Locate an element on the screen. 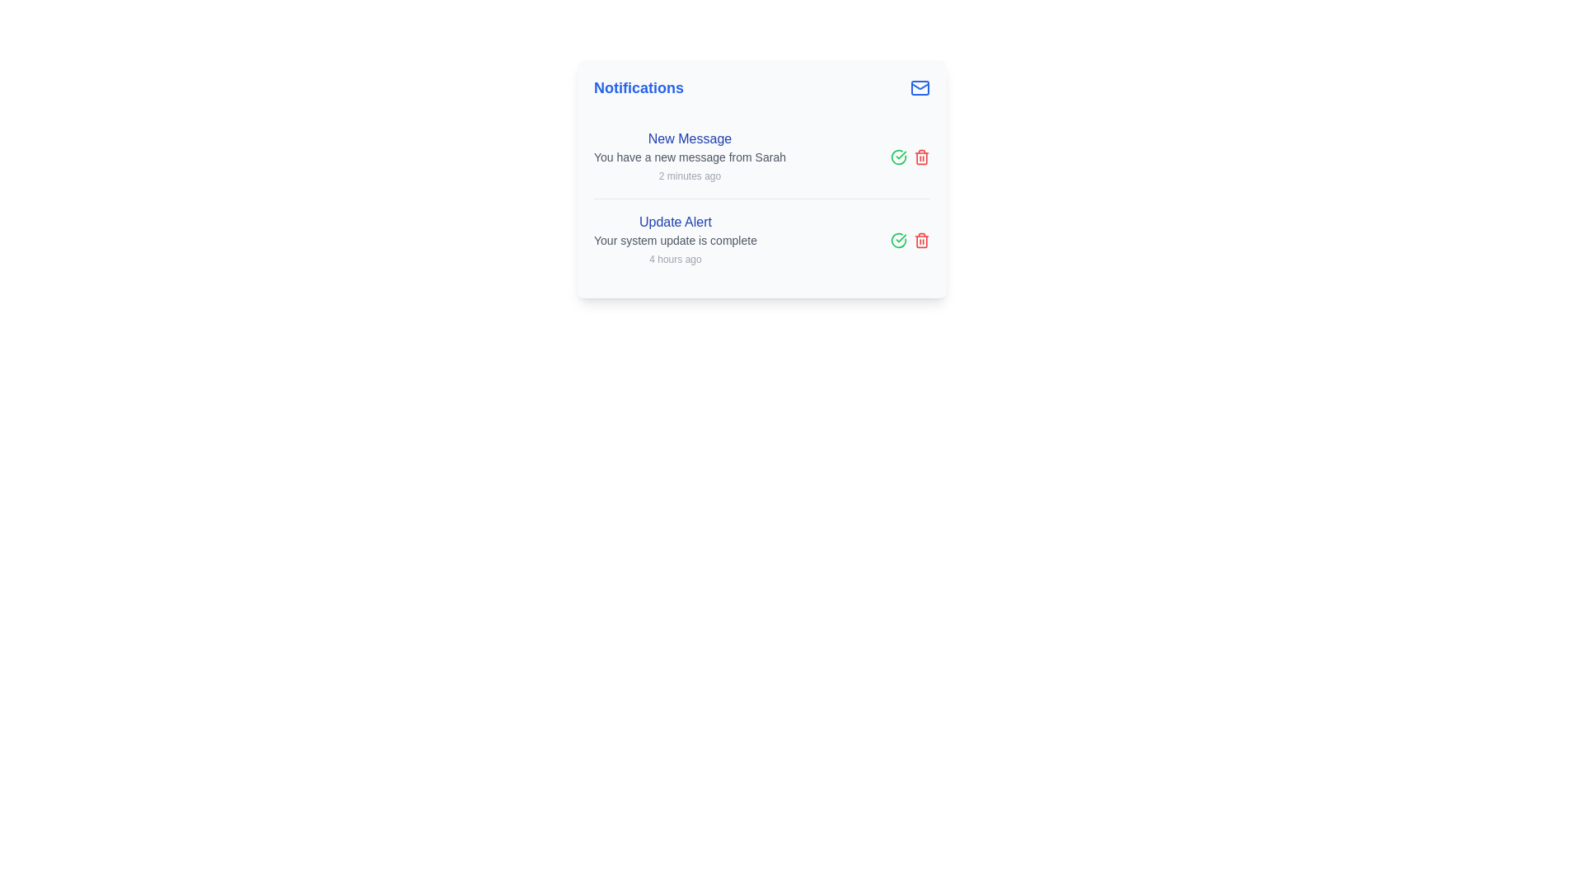 This screenshot has height=890, width=1582. the email icon located in the top-right corner of the notification box is located at coordinates (920, 88).